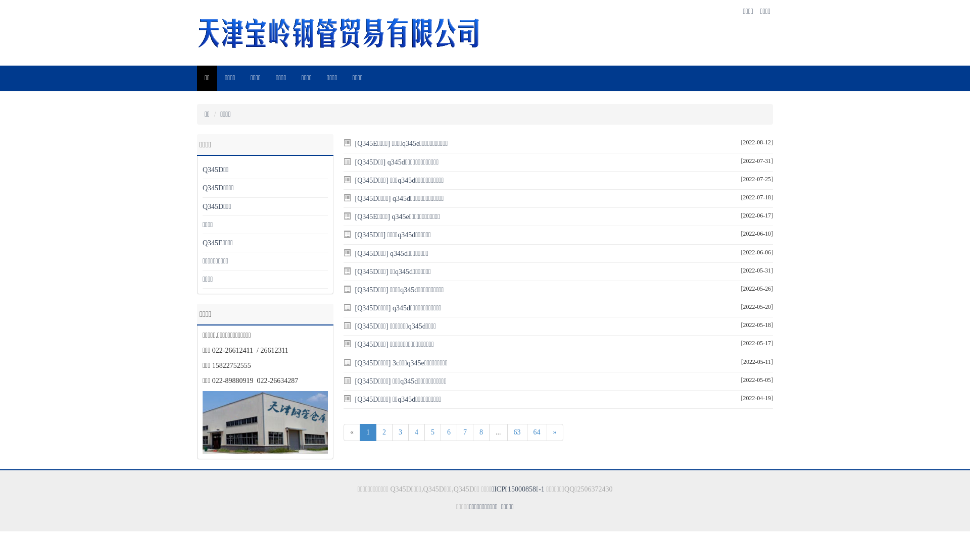  What do you see at coordinates (416, 431) in the screenshot?
I see `'4'` at bounding box center [416, 431].